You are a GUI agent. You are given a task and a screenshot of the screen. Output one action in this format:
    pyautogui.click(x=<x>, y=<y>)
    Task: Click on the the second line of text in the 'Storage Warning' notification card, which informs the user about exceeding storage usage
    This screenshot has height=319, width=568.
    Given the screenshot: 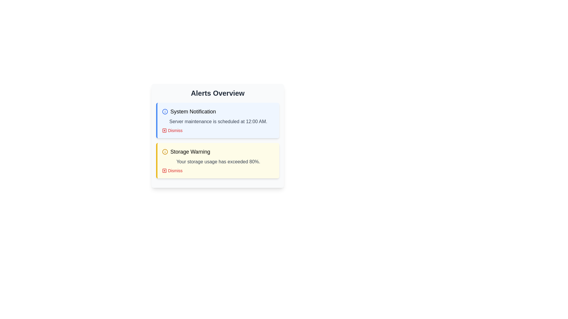 What is the action you would take?
    pyautogui.click(x=218, y=162)
    